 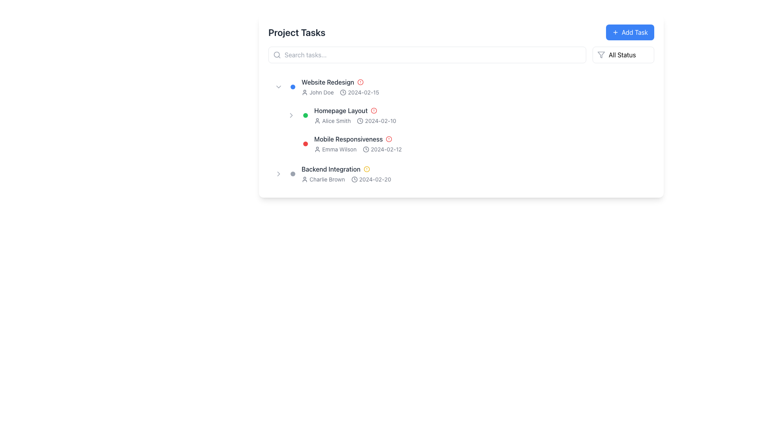 I want to click on the Text Label displaying the due date of the task 'Homepage Layout', which is located next to Alice Smith's name, so click(x=376, y=121).